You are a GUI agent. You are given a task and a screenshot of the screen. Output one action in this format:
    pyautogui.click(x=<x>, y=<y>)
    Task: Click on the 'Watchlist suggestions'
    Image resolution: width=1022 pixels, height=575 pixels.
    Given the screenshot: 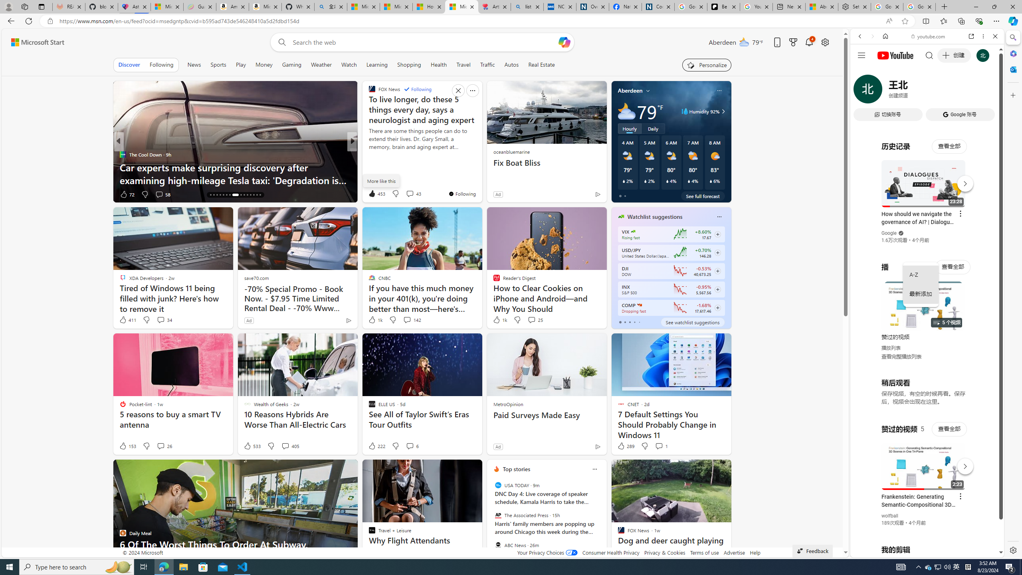 What is the action you would take?
    pyautogui.click(x=654, y=216)
    